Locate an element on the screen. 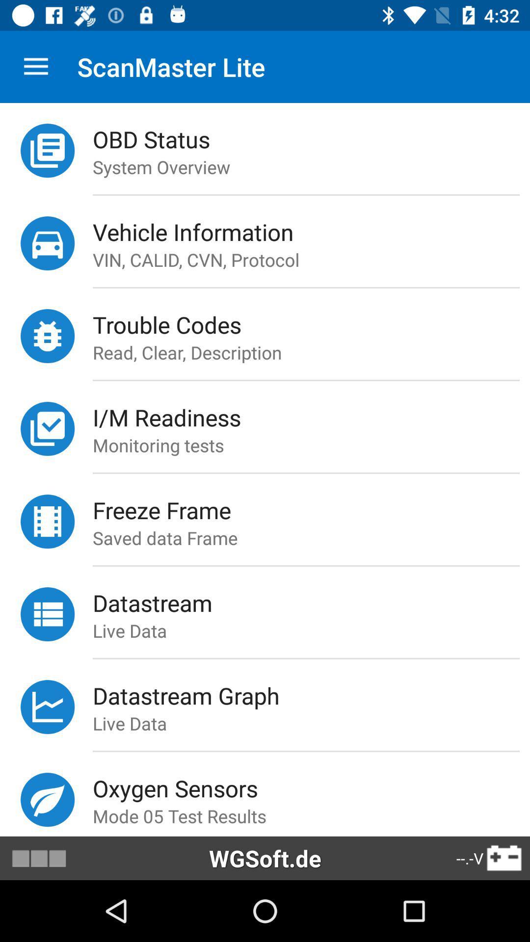 This screenshot has height=942, width=530. the trouble codes item is located at coordinates (311, 324).